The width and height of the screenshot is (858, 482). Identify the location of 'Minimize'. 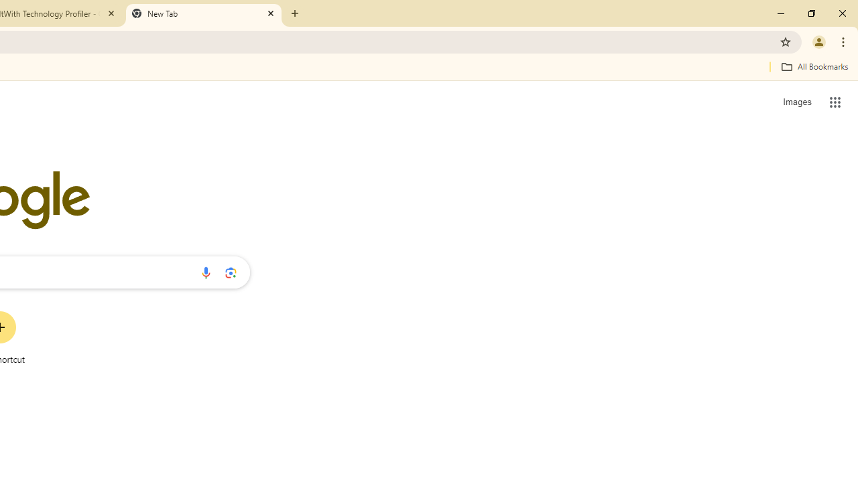
(781, 13).